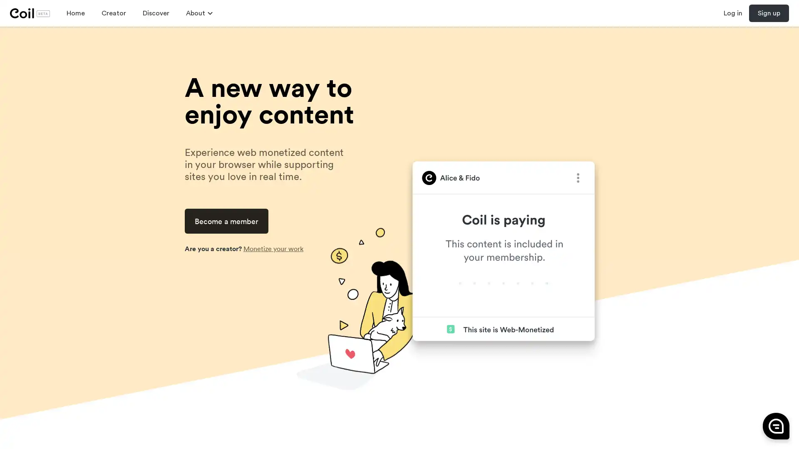  I want to click on Sign up, so click(769, 13).